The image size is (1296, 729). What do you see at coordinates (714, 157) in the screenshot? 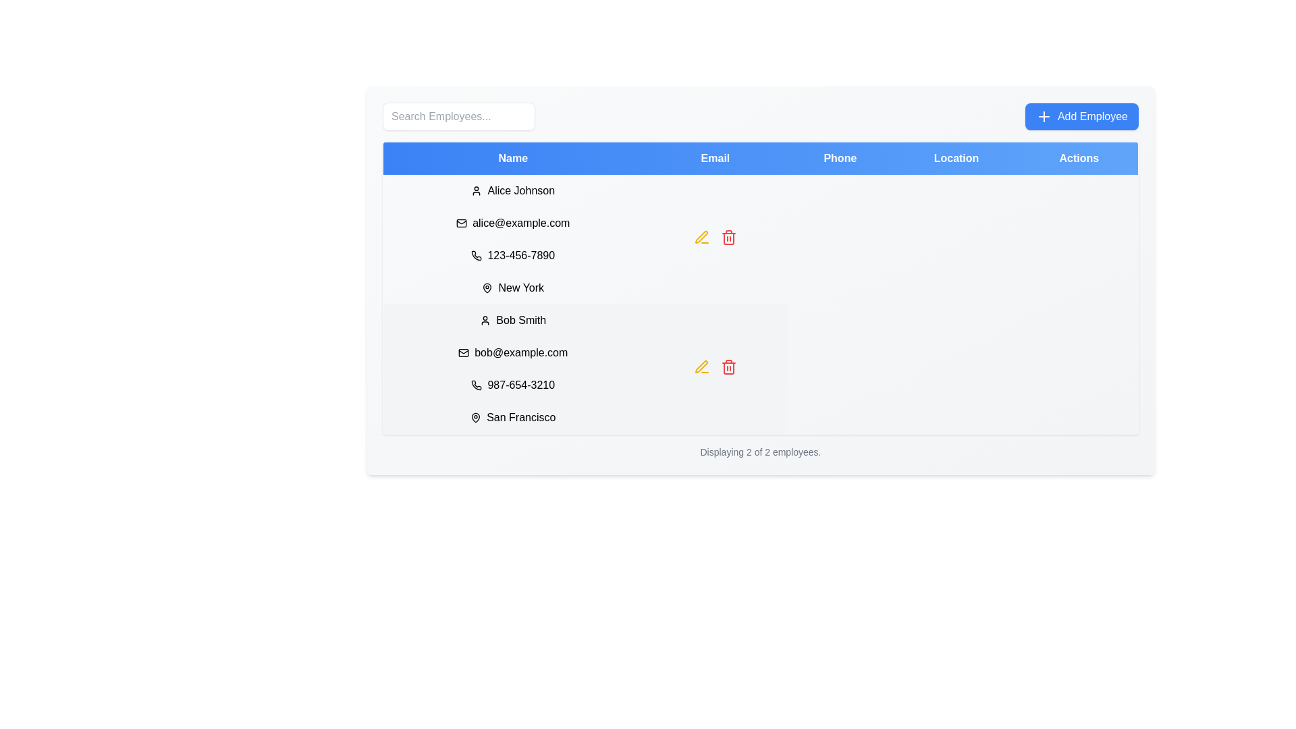
I see `the 'Email' label in the header row of the table, which is the second column from the left` at bounding box center [714, 157].